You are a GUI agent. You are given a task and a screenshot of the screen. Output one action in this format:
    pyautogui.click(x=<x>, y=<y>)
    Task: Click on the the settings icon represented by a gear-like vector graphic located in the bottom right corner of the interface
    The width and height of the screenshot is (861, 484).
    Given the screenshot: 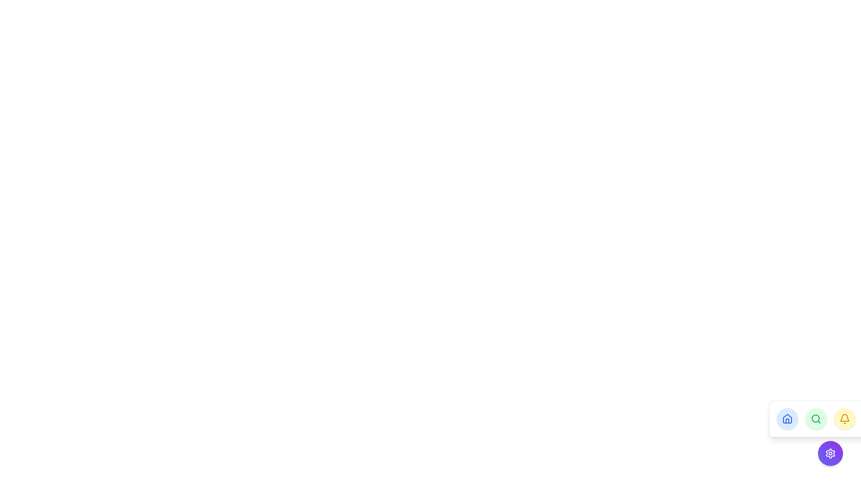 What is the action you would take?
    pyautogui.click(x=830, y=453)
    